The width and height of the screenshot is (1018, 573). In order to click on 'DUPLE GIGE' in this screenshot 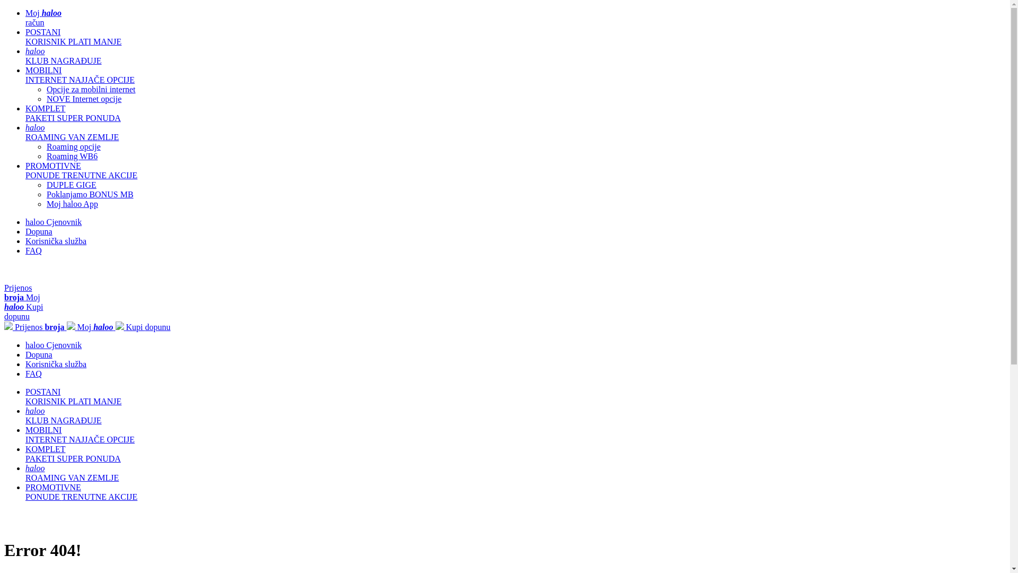, I will do `click(71, 184)`.